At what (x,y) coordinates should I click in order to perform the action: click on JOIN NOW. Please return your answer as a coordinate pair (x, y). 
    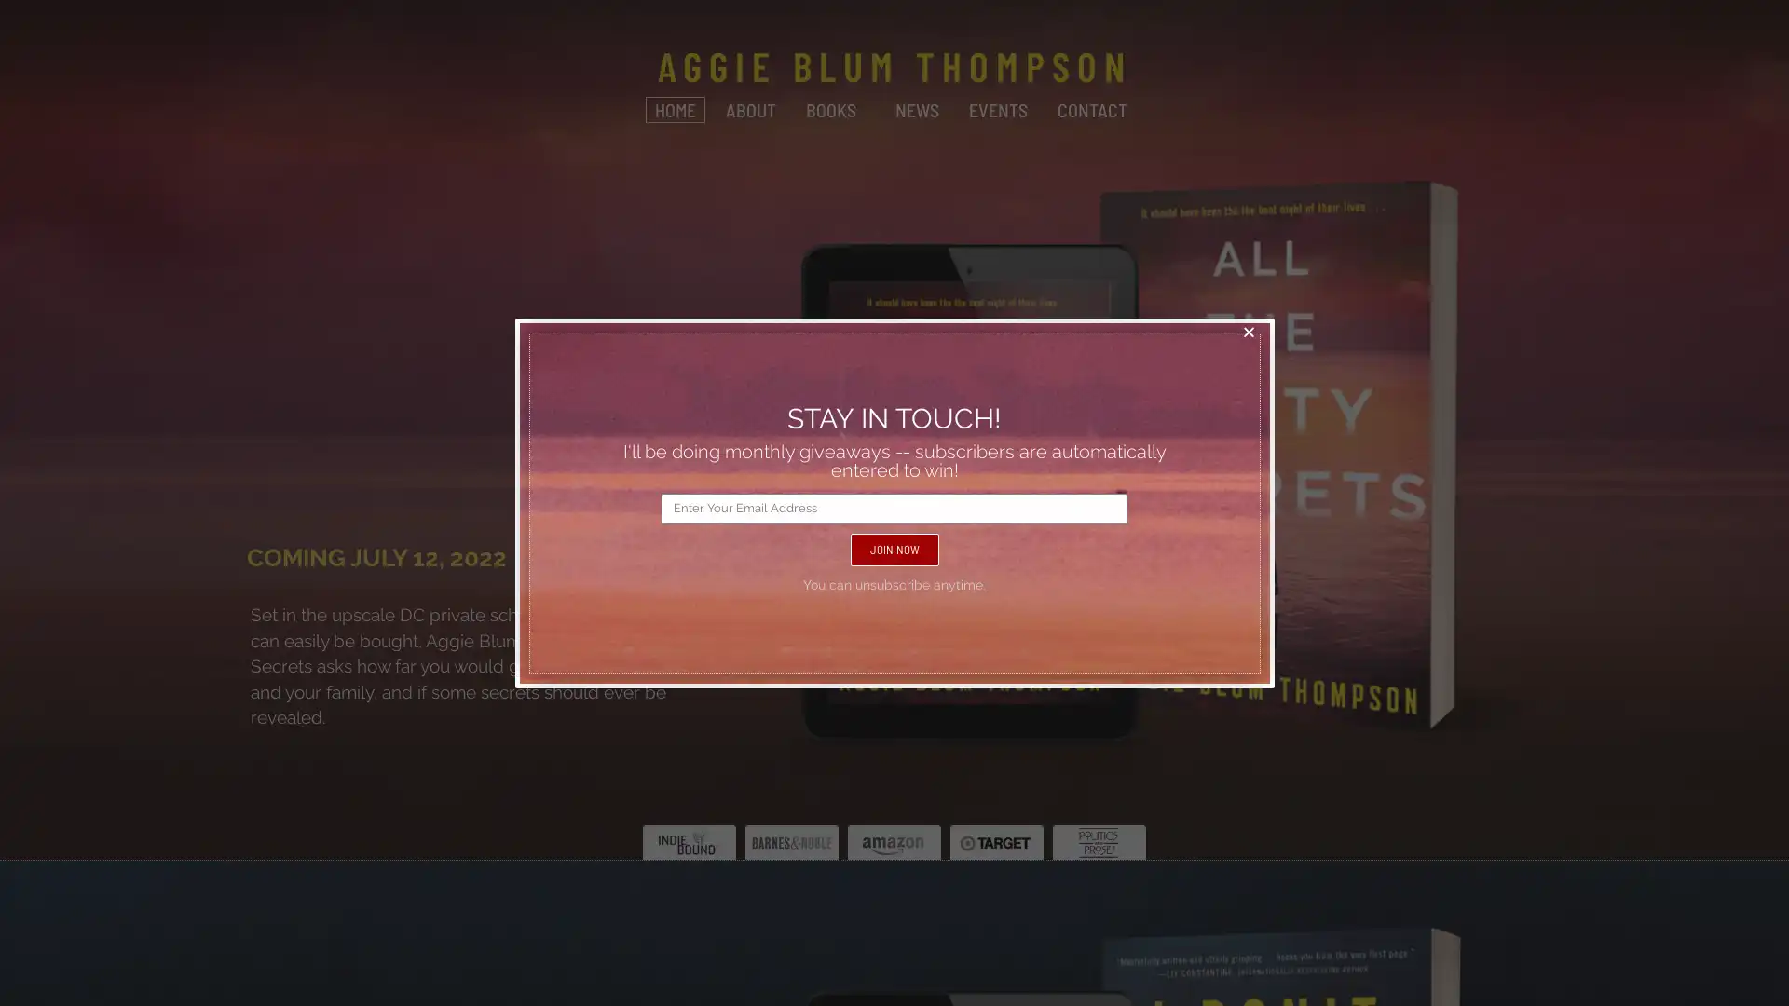
    Looking at the image, I should click on (893, 549).